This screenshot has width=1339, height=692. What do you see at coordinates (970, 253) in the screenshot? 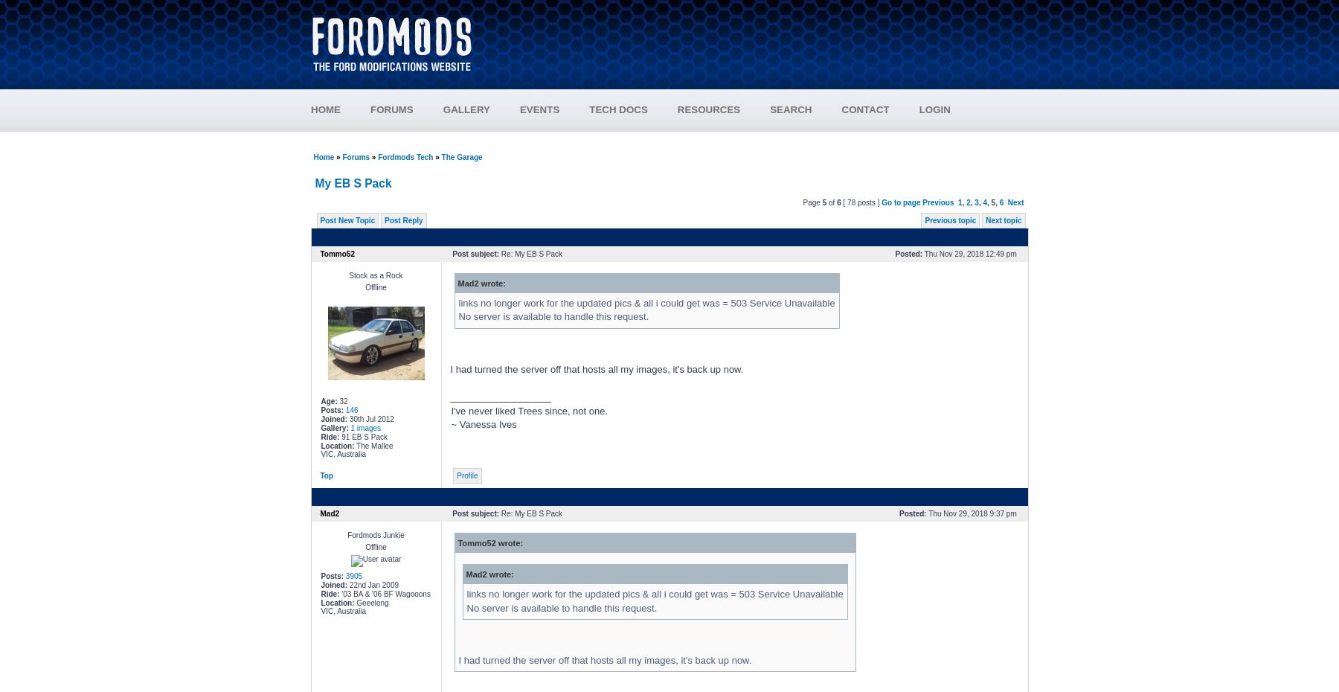
I see `'Thu Nov 29, 2018 12:49 pm'` at bounding box center [970, 253].